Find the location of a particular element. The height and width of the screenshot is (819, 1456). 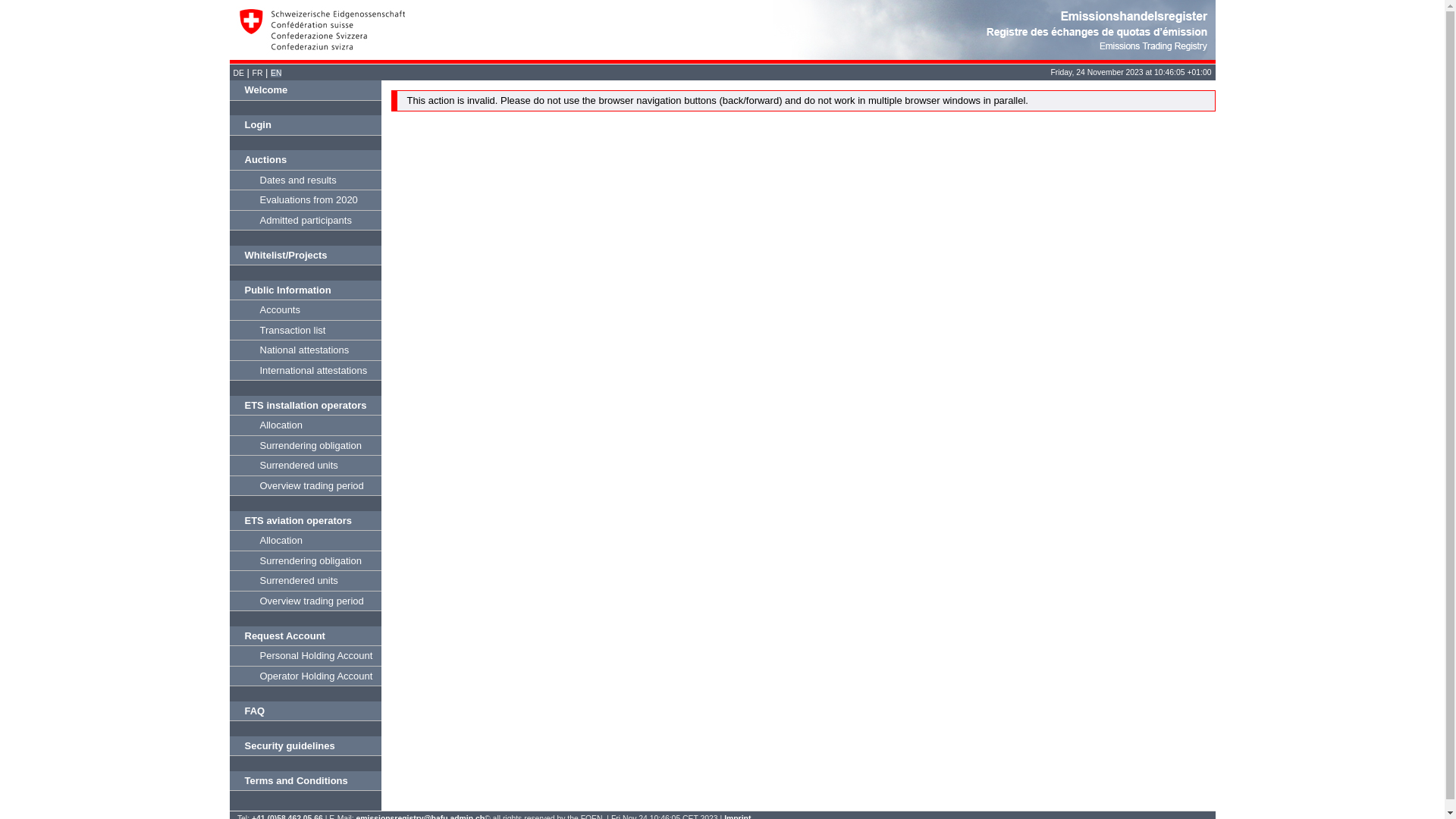

'Whitelist/Projects' is located at coordinates (304, 255).